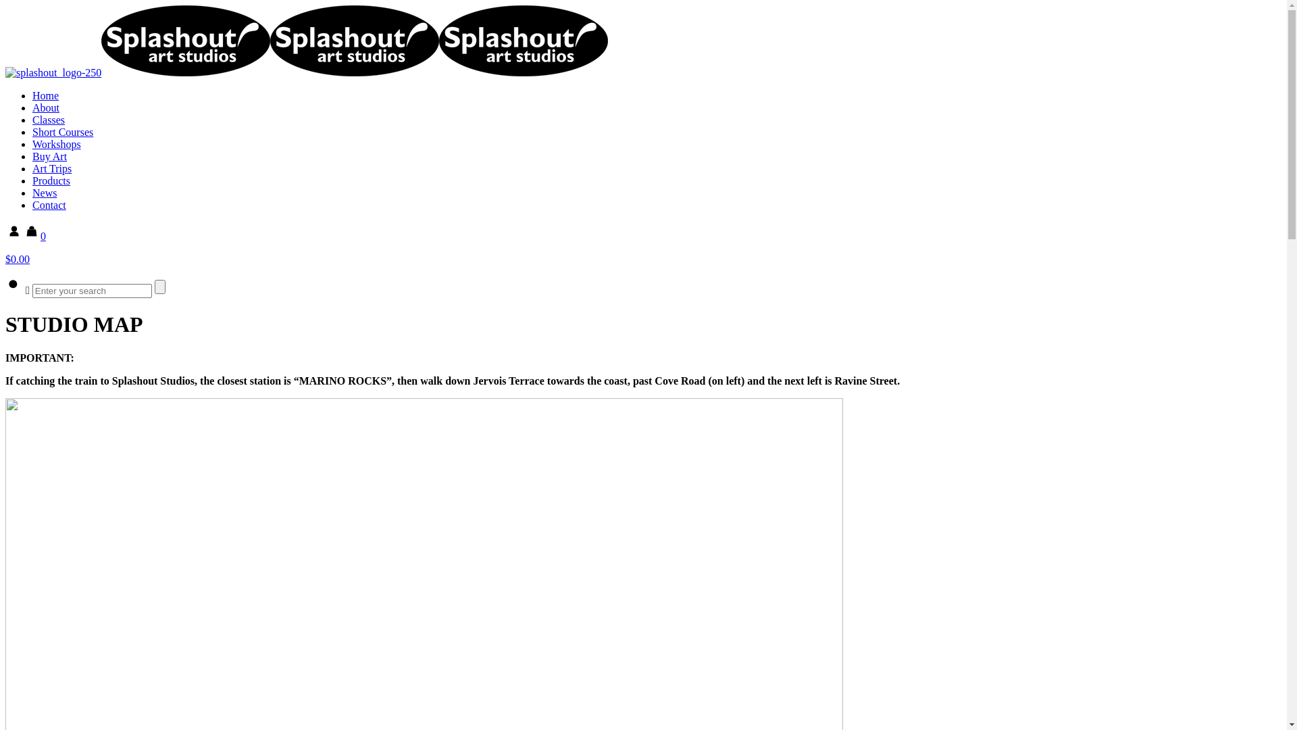 This screenshot has width=1297, height=730. I want to click on 'Home', so click(45, 95).